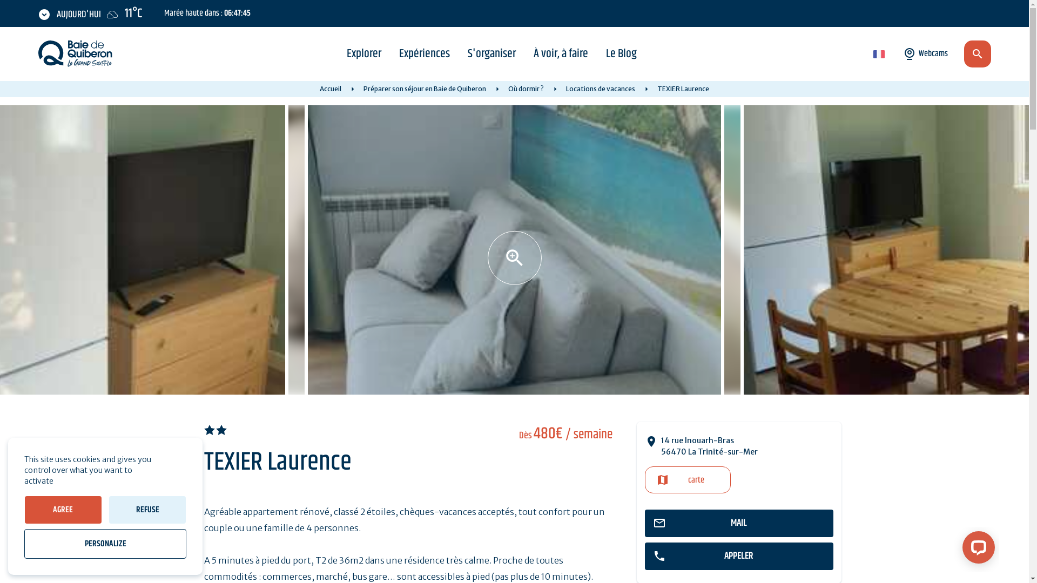  Describe the element at coordinates (977, 550) in the screenshot. I see `'LiveChat chat widget'` at that location.